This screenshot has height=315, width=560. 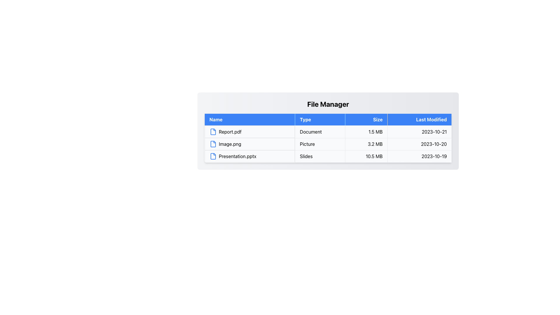 What do you see at coordinates (213, 156) in the screenshot?
I see `the blue file icon shaped like a document with a folded corner, which is located to the left of the text 'Presentation.pptx'` at bounding box center [213, 156].